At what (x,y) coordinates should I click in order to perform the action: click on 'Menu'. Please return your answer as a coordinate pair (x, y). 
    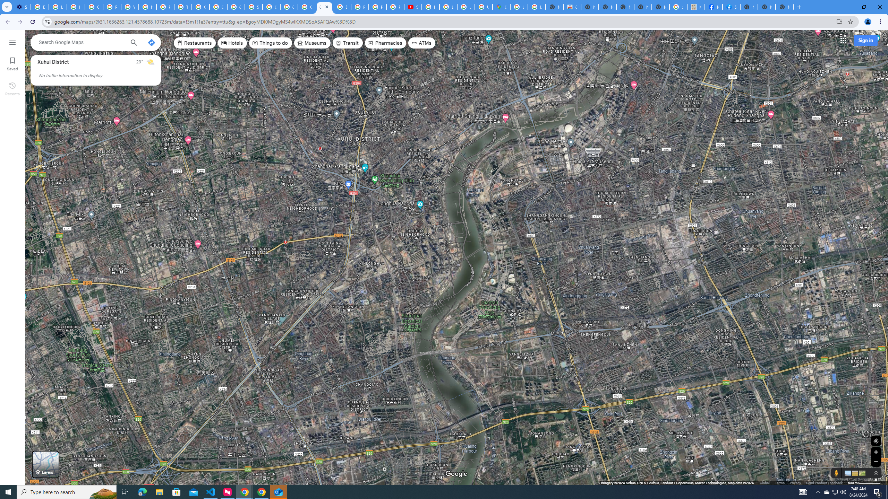
    Looking at the image, I should click on (12, 42).